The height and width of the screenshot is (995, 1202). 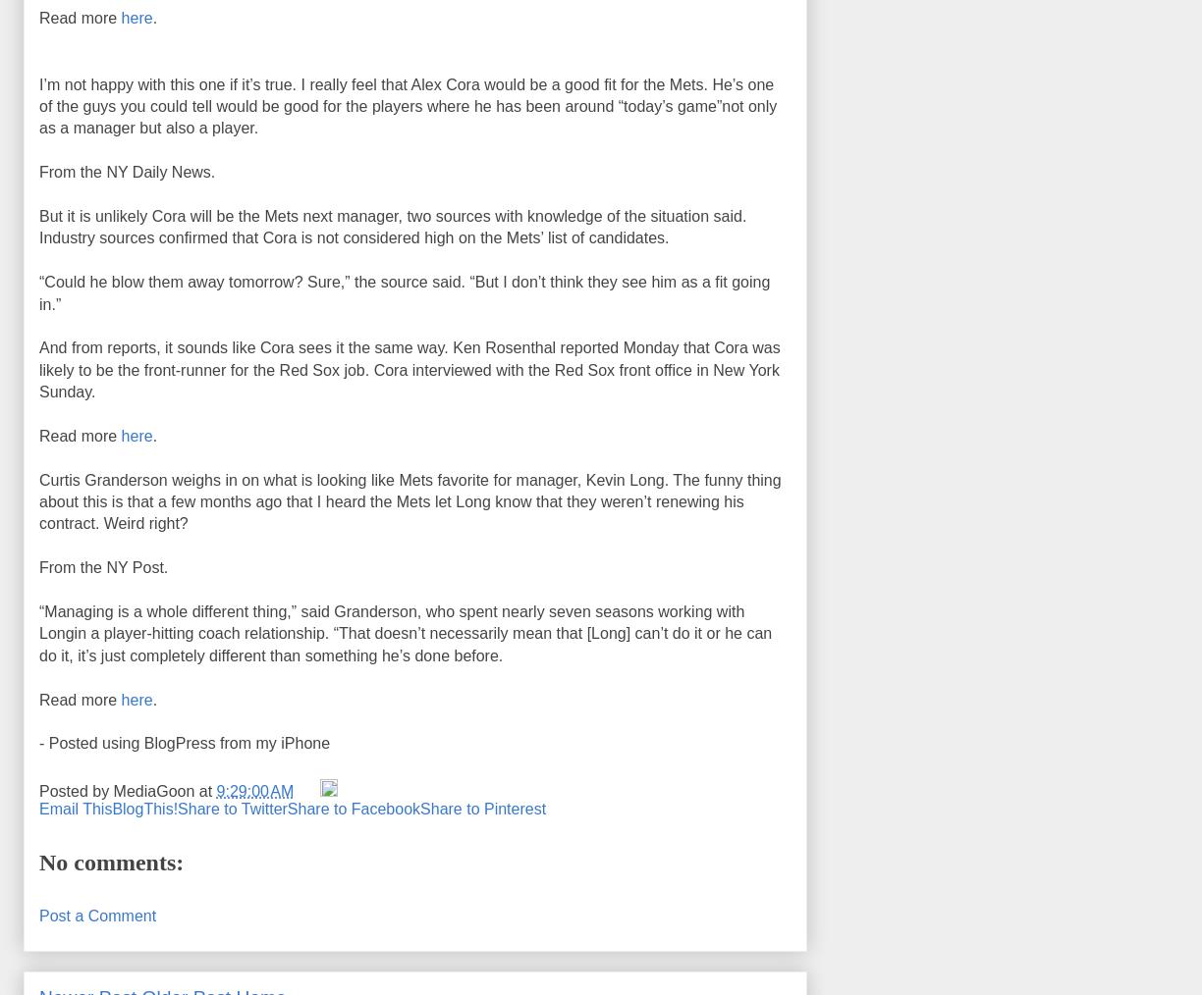 I want to click on 'Share to Twitter', so click(x=231, y=808).